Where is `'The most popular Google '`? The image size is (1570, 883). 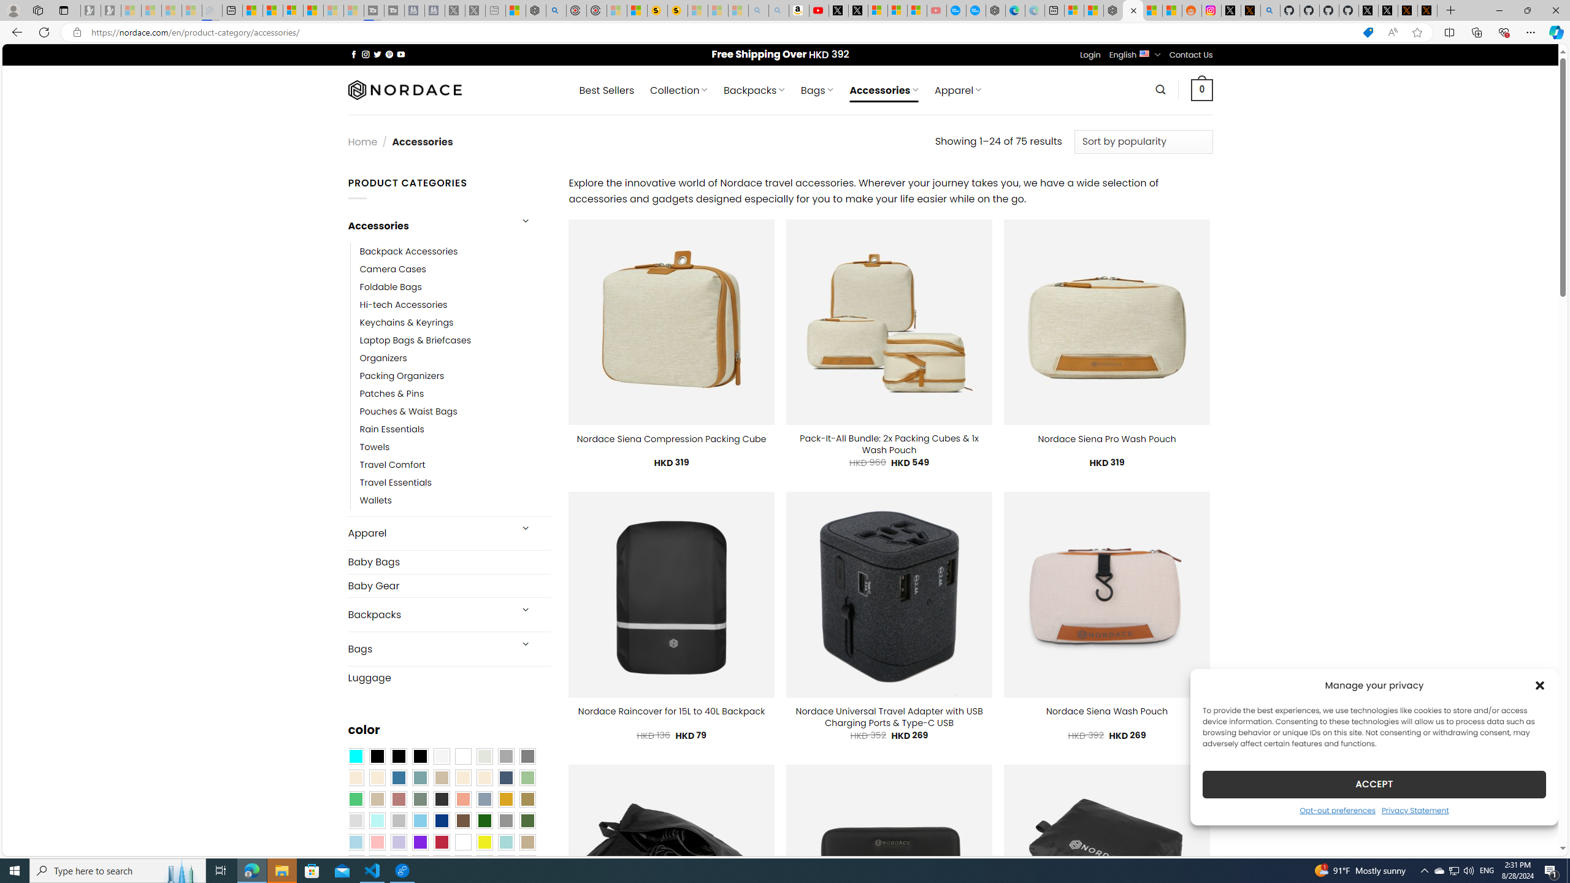
'The most popular Google ' is located at coordinates (975, 10).